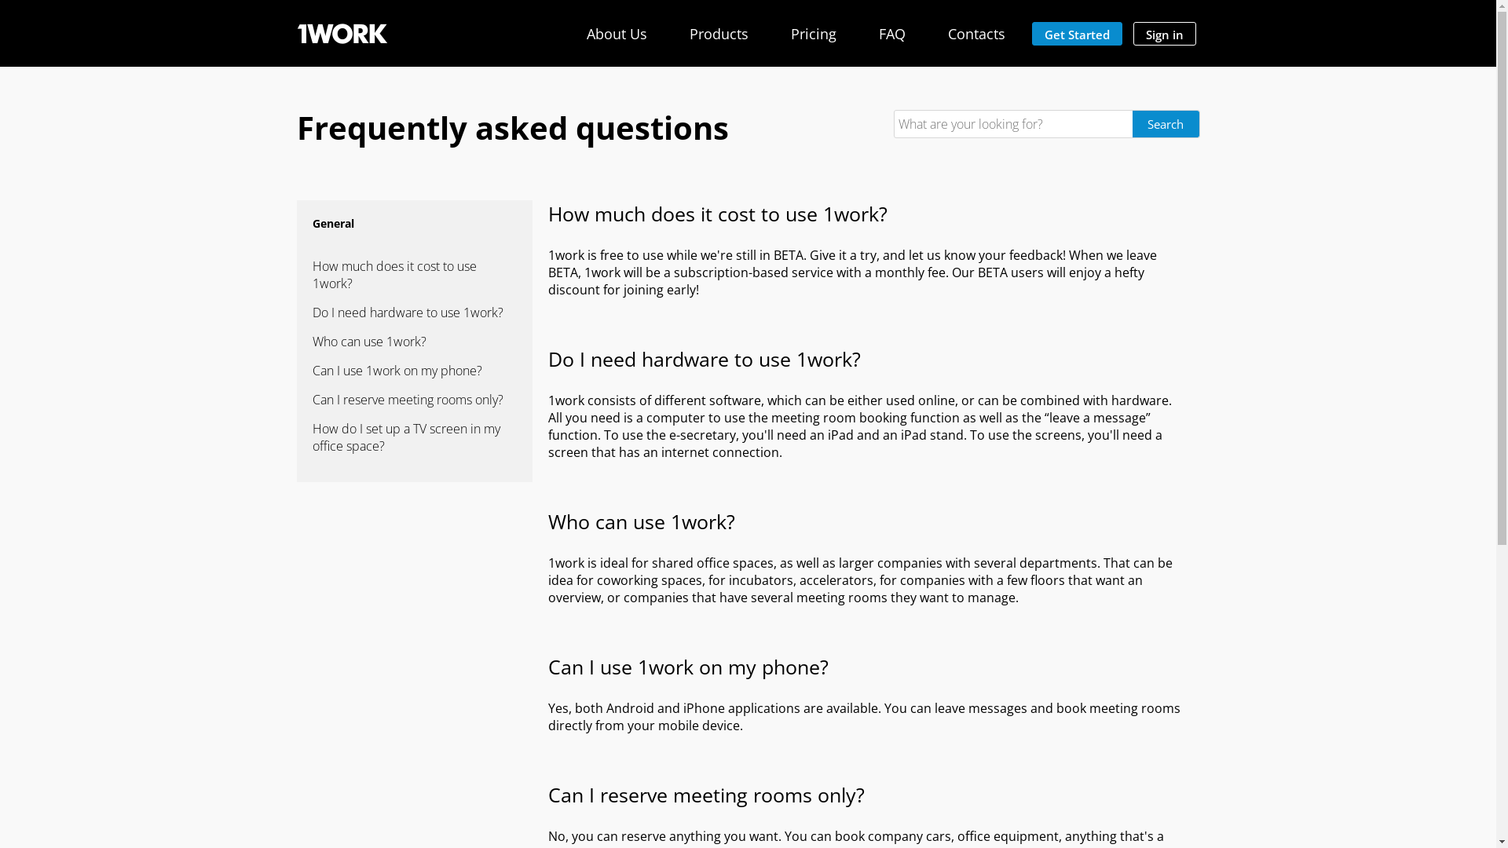 Image resolution: width=1508 pixels, height=848 pixels. Describe the element at coordinates (415, 274) in the screenshot. I see `'How much does it cost to use 1work?'` at that location.